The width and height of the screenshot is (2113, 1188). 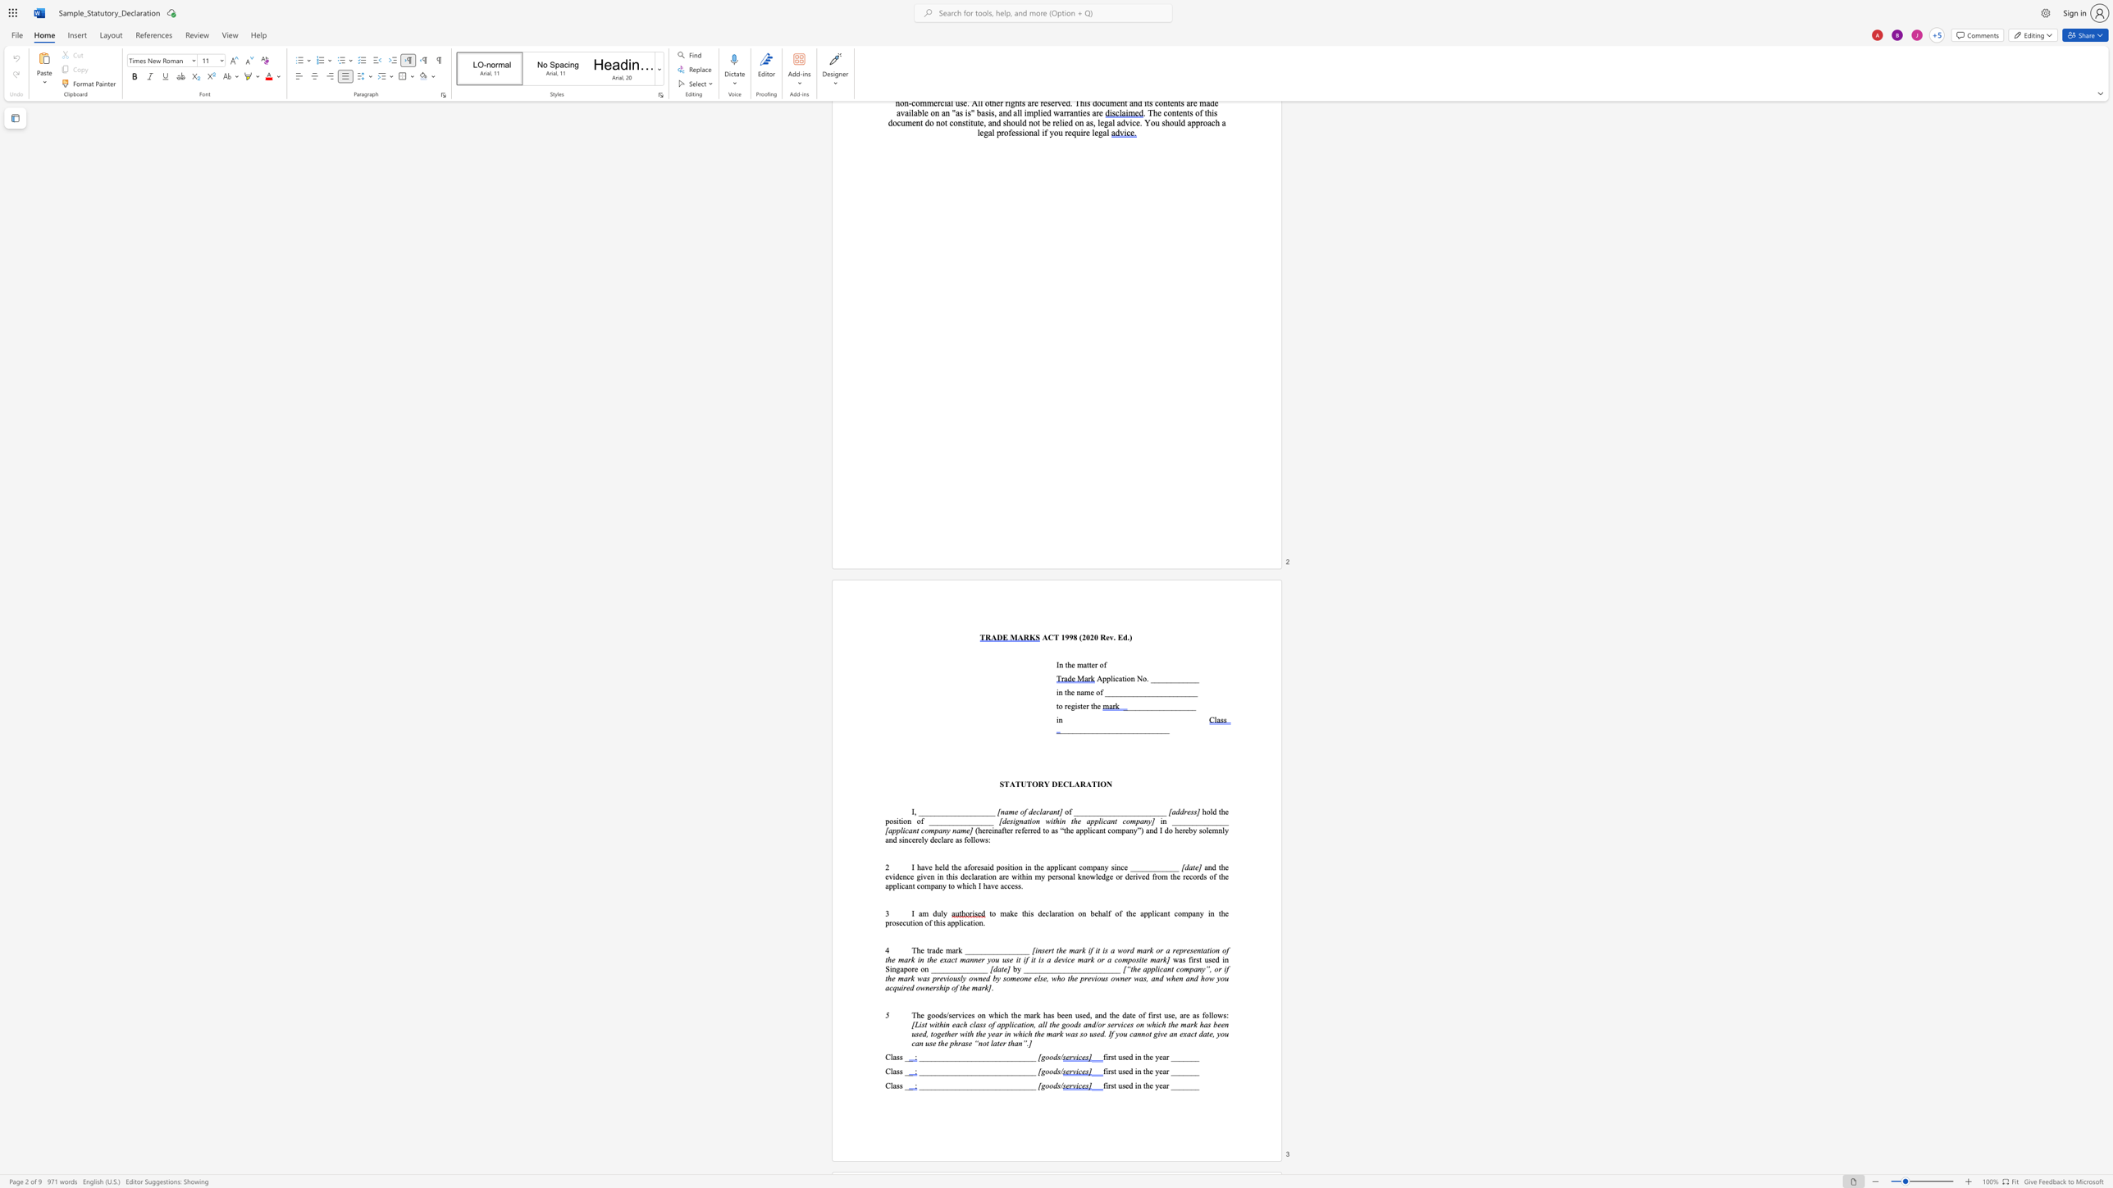 What do you see at coordinates (936, 867) in the screenshot?
I see `the 2th character "h" in the text` at bounding box center [936, 867].